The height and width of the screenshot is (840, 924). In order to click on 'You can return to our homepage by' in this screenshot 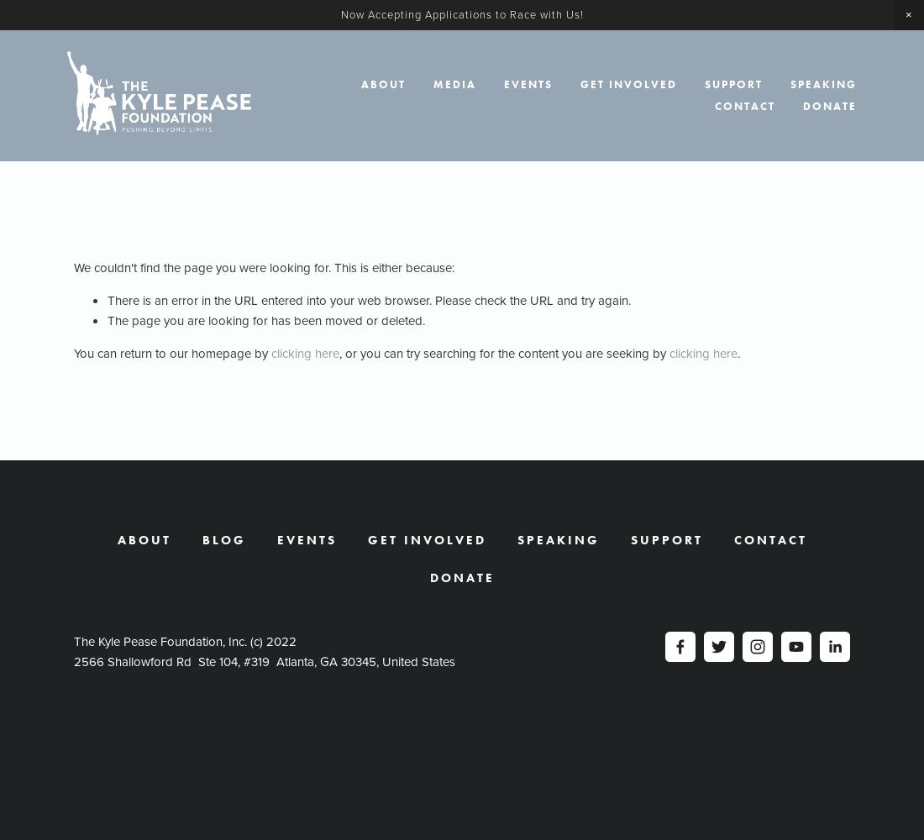, I will do `click(171, 354)`.